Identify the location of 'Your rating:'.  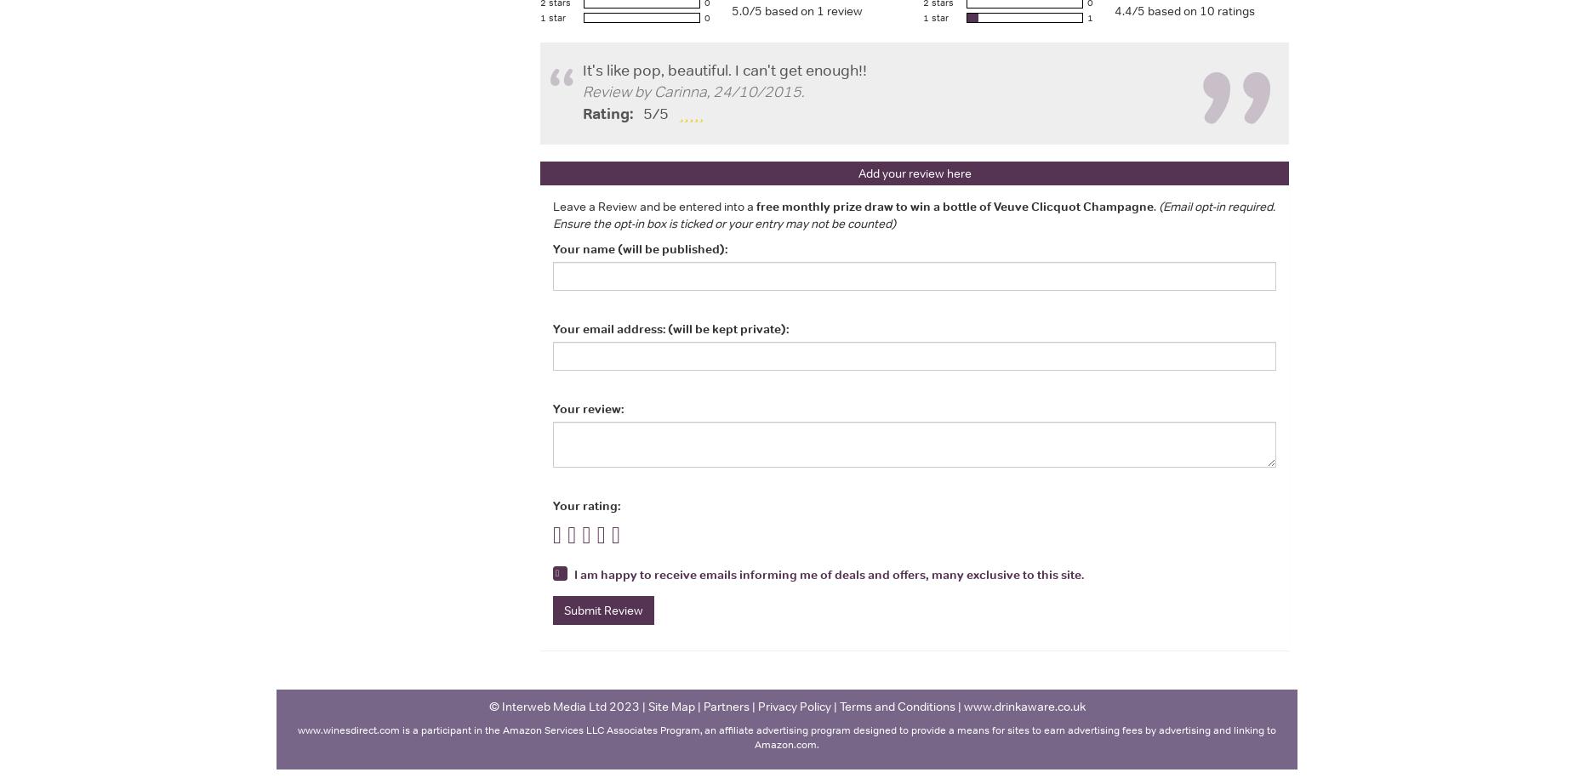
(586, 504).